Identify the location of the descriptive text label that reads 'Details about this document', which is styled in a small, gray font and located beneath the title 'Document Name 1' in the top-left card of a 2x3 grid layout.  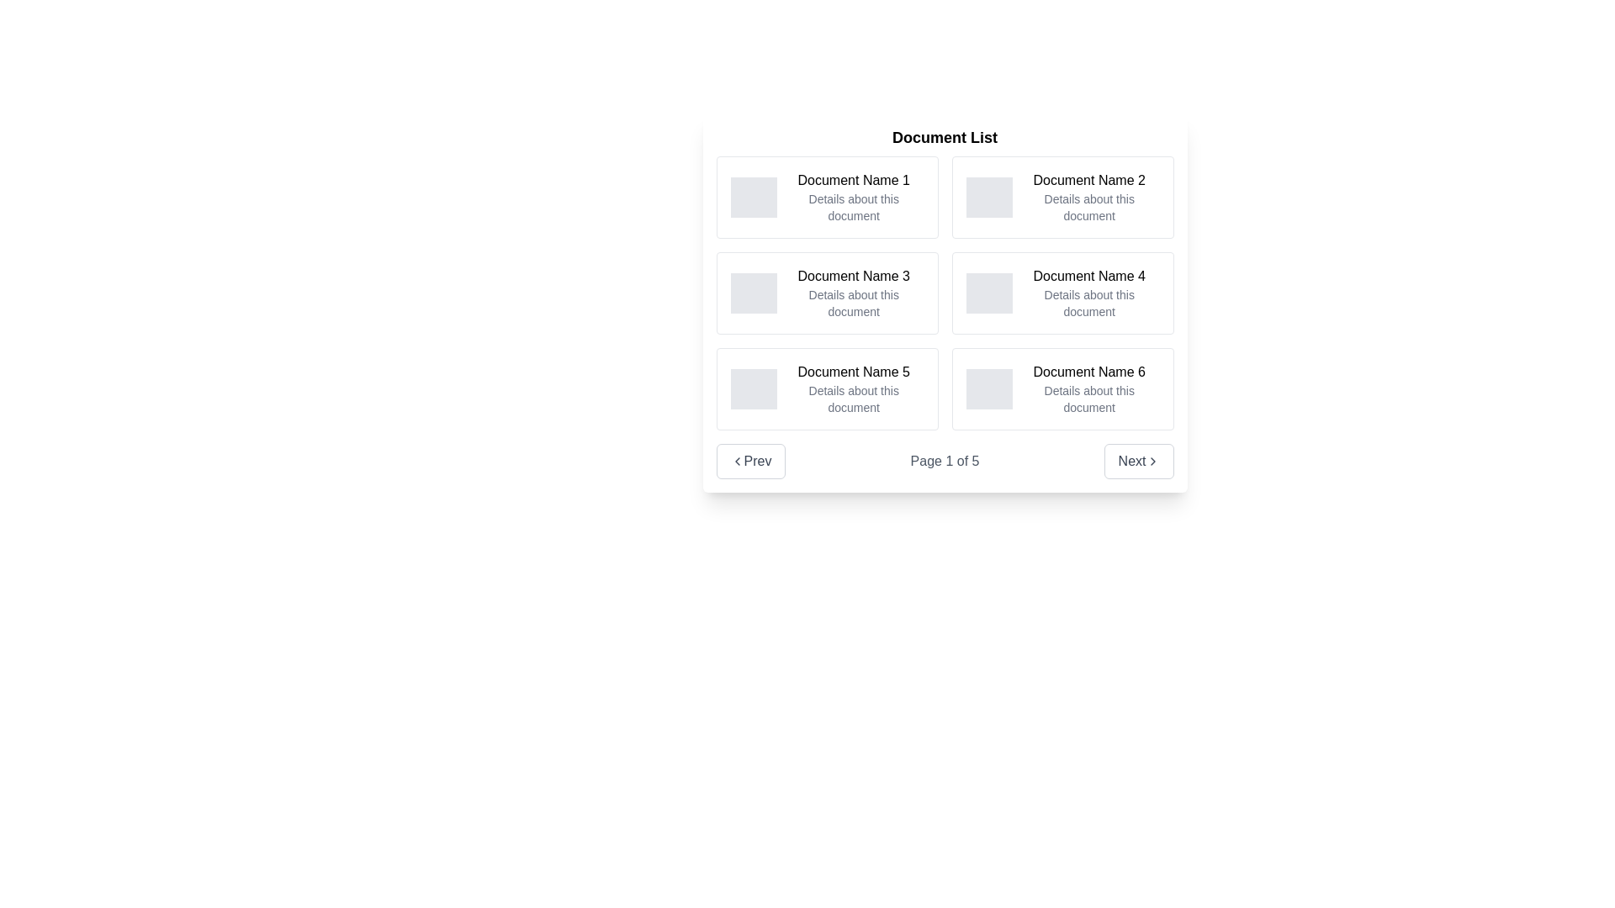
(854, 206).